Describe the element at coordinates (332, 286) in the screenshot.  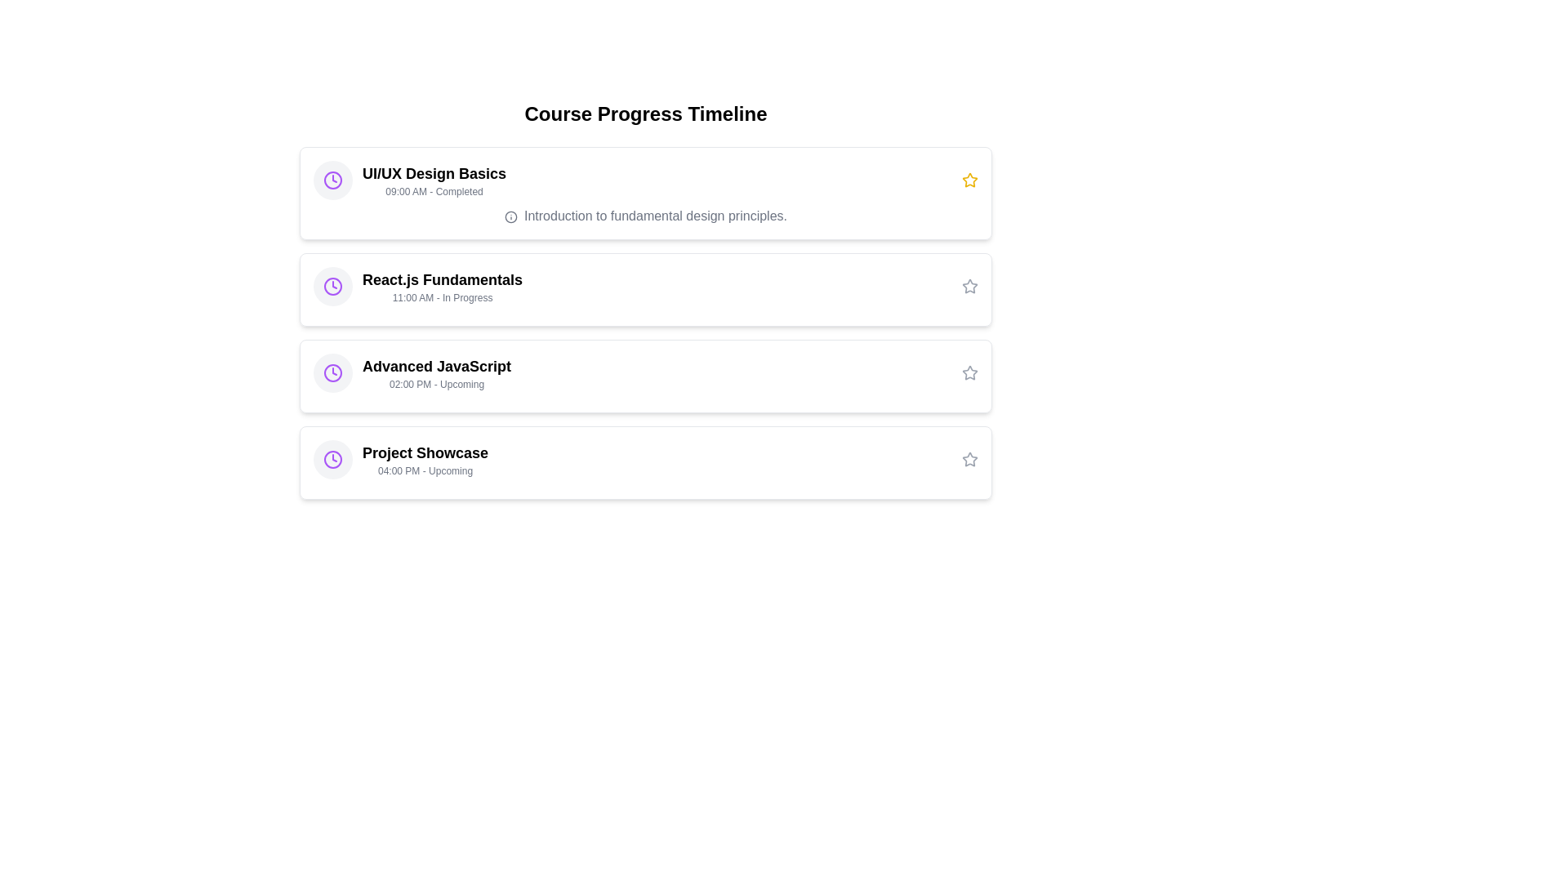
I see `the time indicator icon located to the left of the text 'React.js Fundamentals' in the row labeled 'React.js Fundamentals 11:00 AM - In Progress'` at that location.